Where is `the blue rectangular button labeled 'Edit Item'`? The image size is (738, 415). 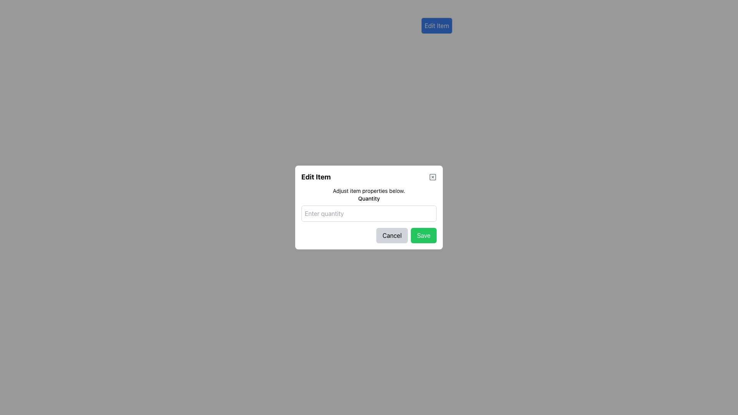 the blue rectangular button labeled 'Edit Item' is located at coordinates (437, 25).